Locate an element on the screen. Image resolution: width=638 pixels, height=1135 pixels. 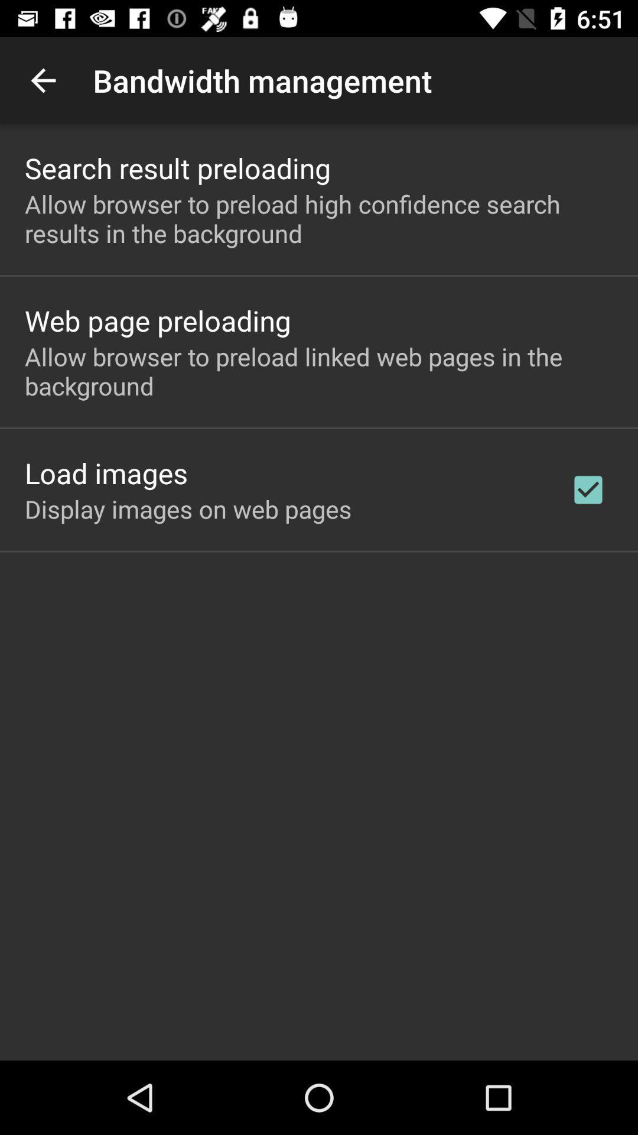
the icon next to bandwidth management item is located at coordinates (43, 80).